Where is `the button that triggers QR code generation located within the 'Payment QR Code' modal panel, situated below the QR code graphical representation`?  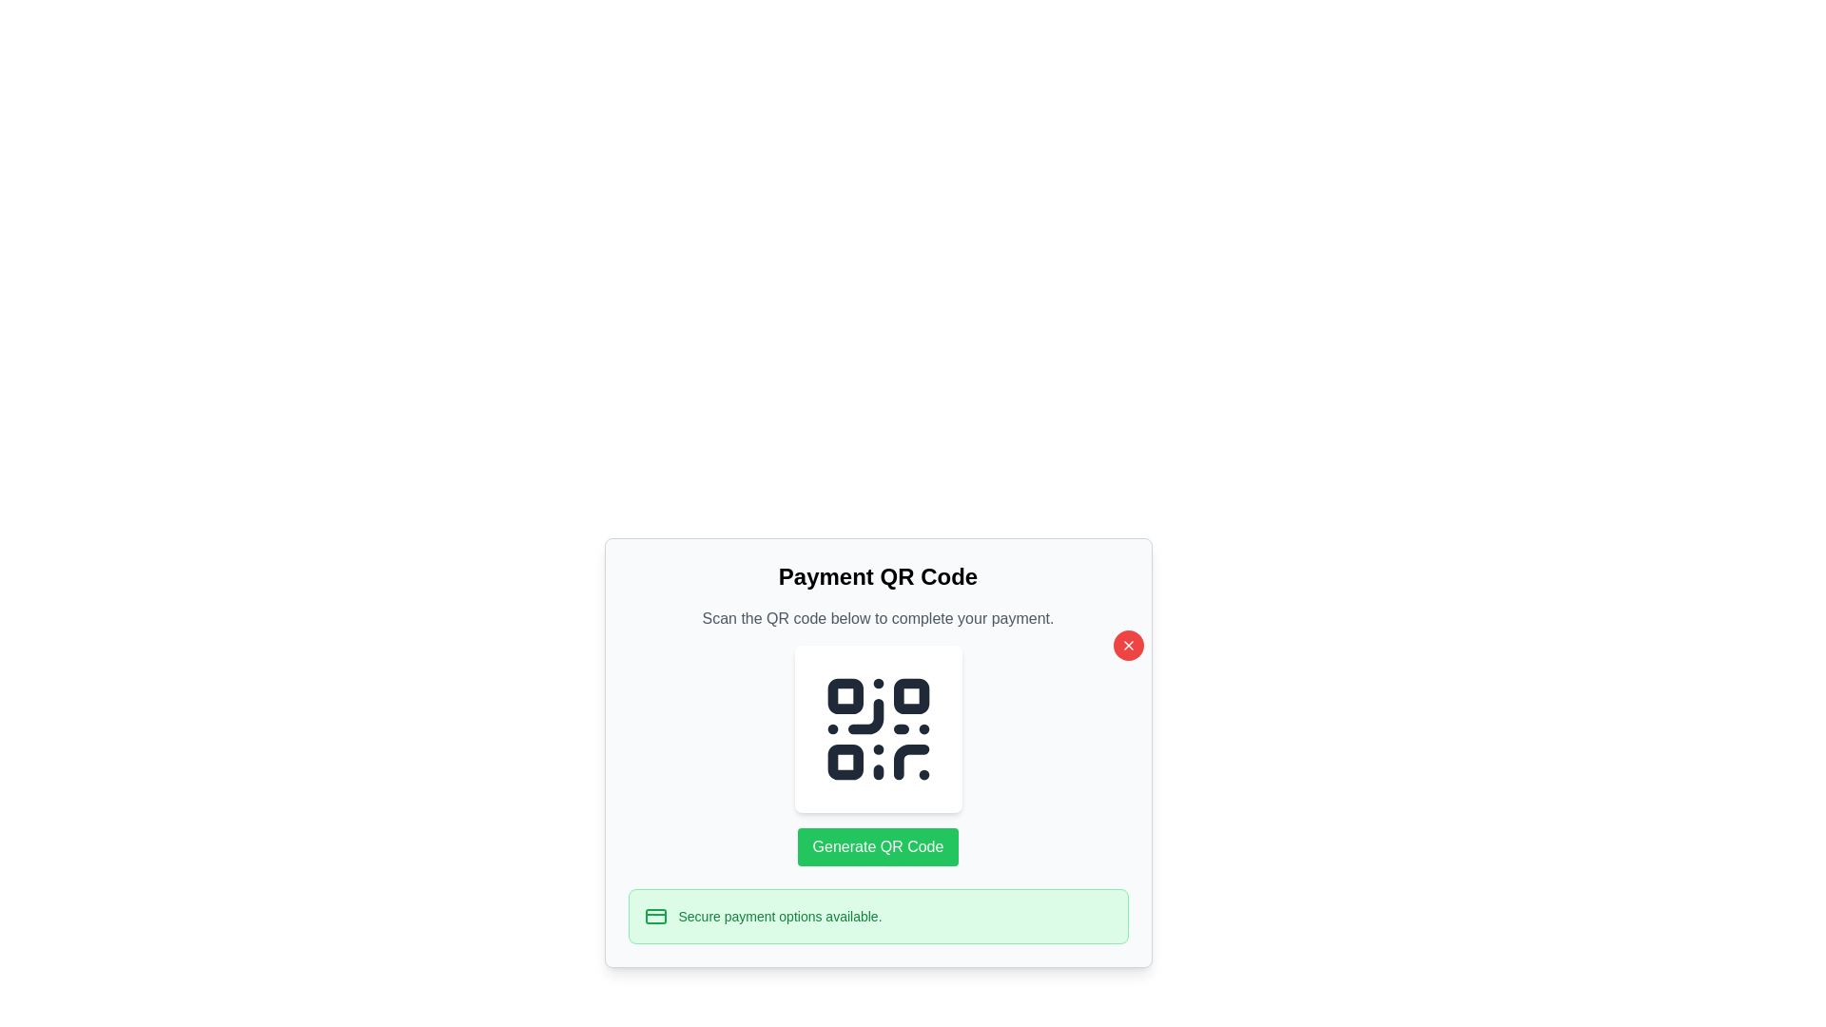
the button that triggers QR code generation located within the 'Payment QR Code' modal panel, situated below the QR code graphical representation is located at coordinates (877, 846).